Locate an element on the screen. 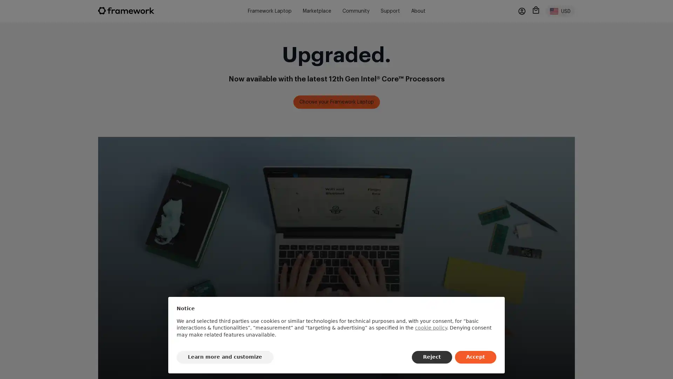 The image size is (673, 379). Reject is located at coordinates (431, 357).